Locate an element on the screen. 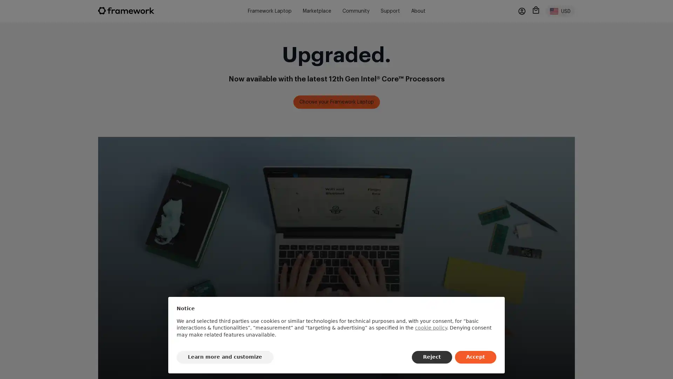 The image size is (673, 379). Reject is located at coordinates (431, 357).